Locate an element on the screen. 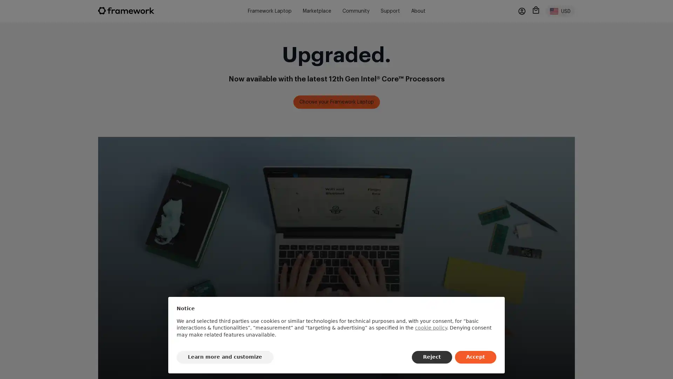 The image size is (673, 379). Reject is located at coordinates (431, 357).